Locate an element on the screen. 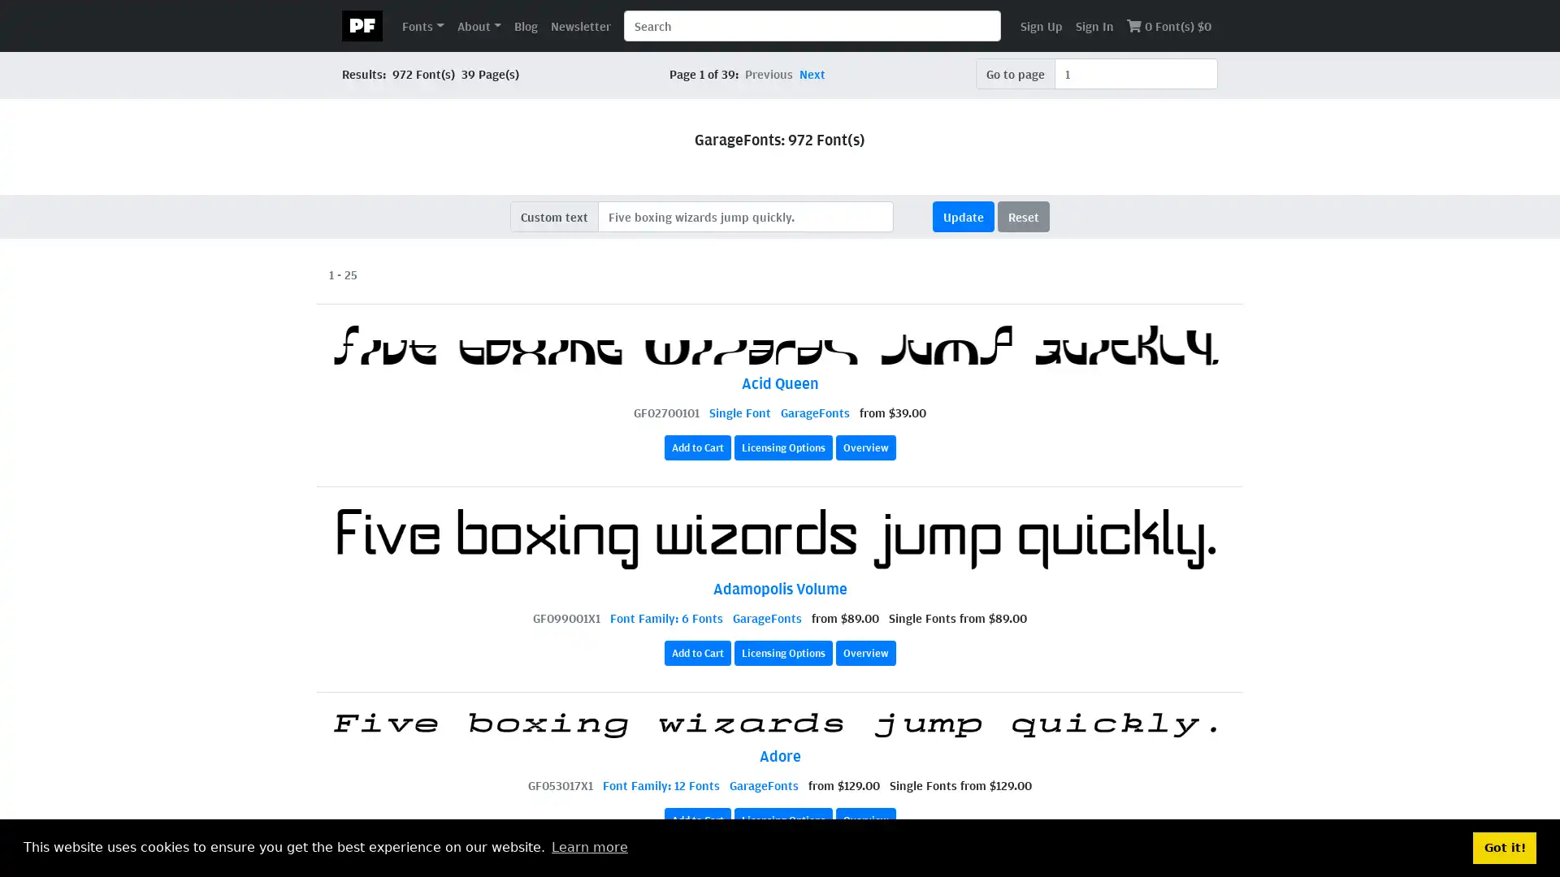  Fonts is located at coordinates (422, 24).